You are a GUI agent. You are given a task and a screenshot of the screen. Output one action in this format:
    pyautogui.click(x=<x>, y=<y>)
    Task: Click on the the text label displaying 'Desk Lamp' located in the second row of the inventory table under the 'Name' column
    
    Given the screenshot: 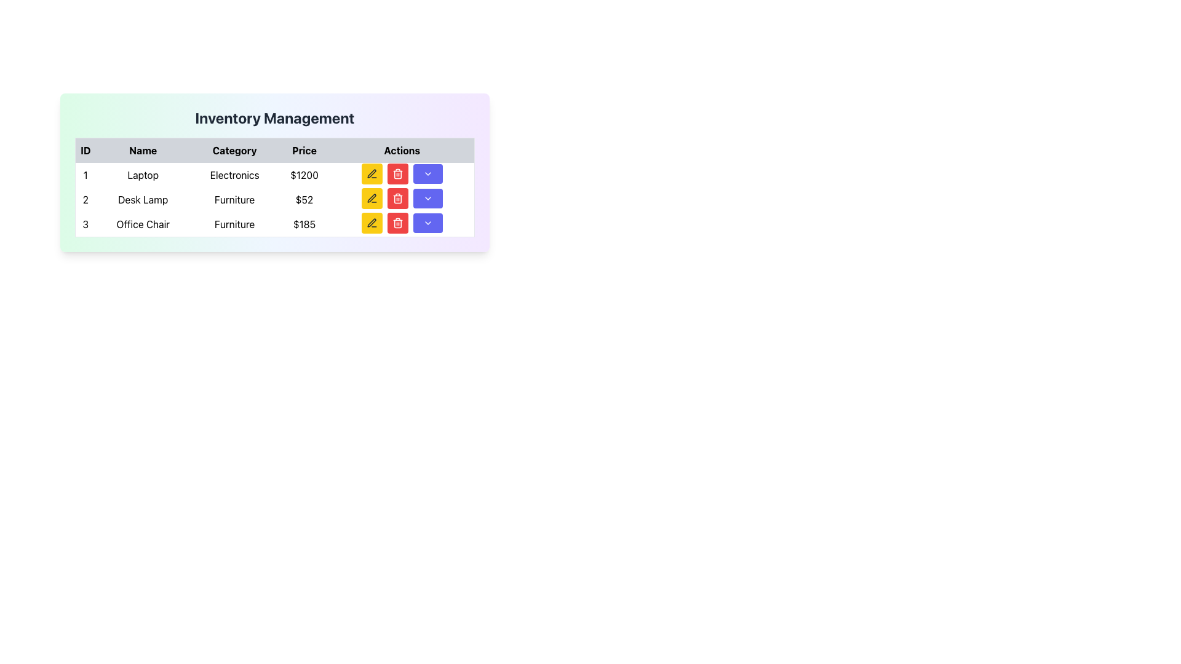 What is the action you would take?
    pyautogui.click(x=143, y=199)
    